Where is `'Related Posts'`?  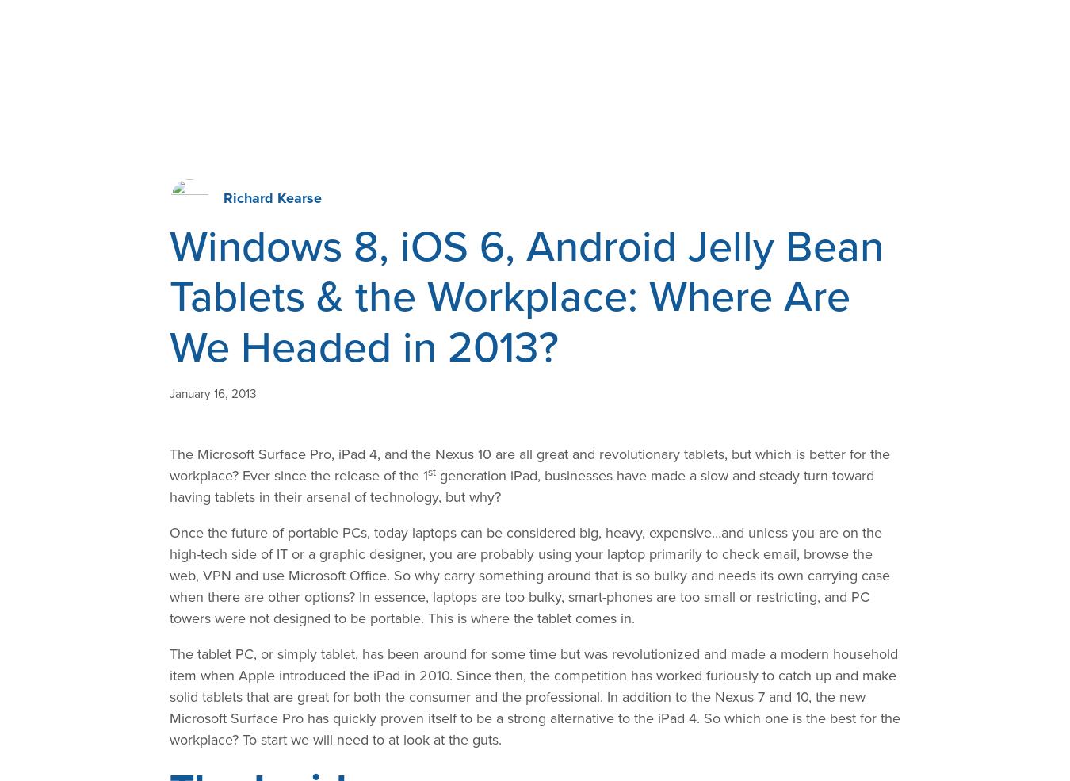
'Related Posts' is located at coordinates (534, 461).